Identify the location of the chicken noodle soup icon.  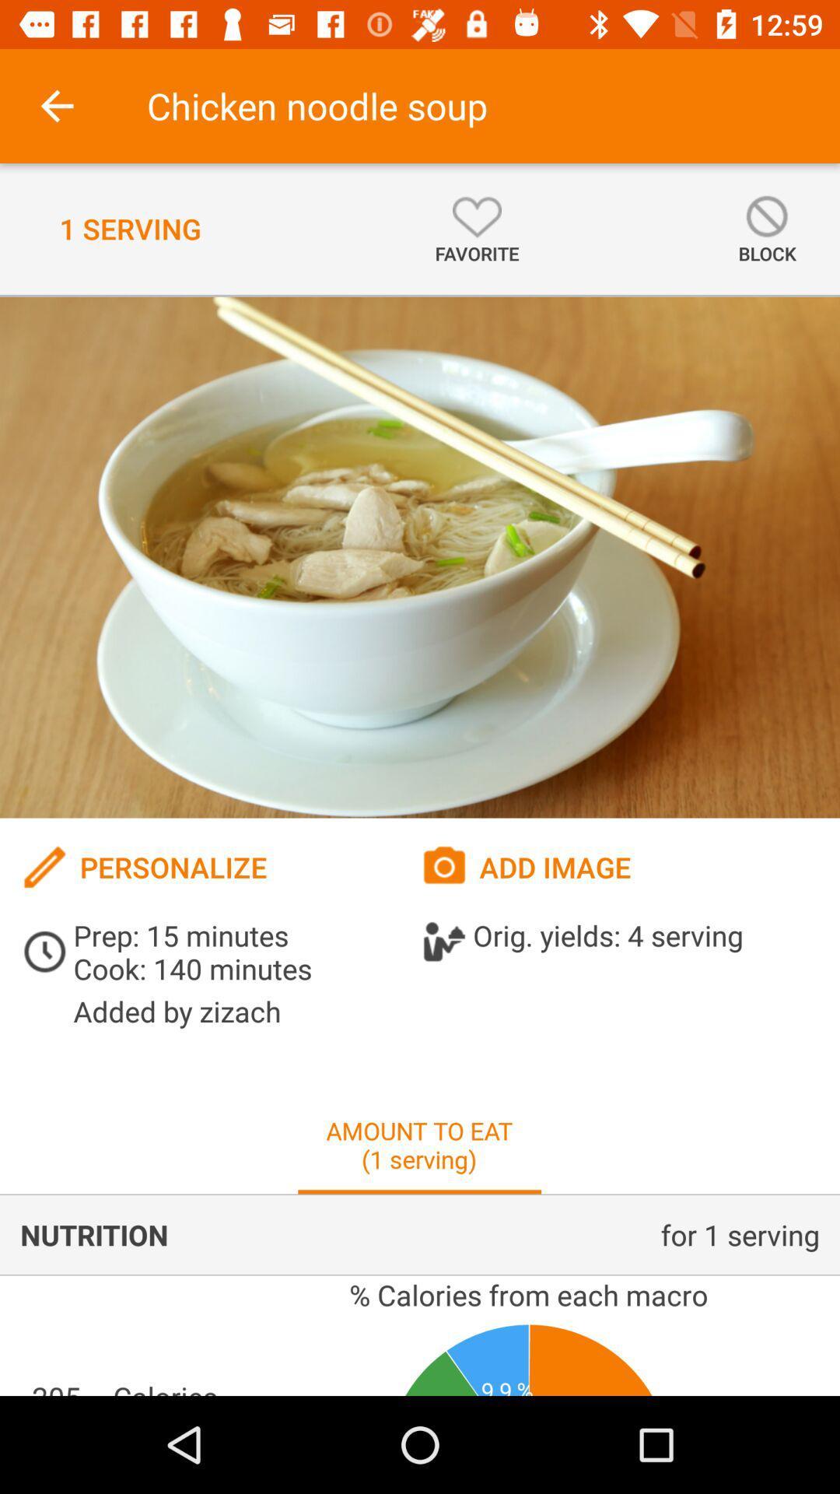
(317, 105).